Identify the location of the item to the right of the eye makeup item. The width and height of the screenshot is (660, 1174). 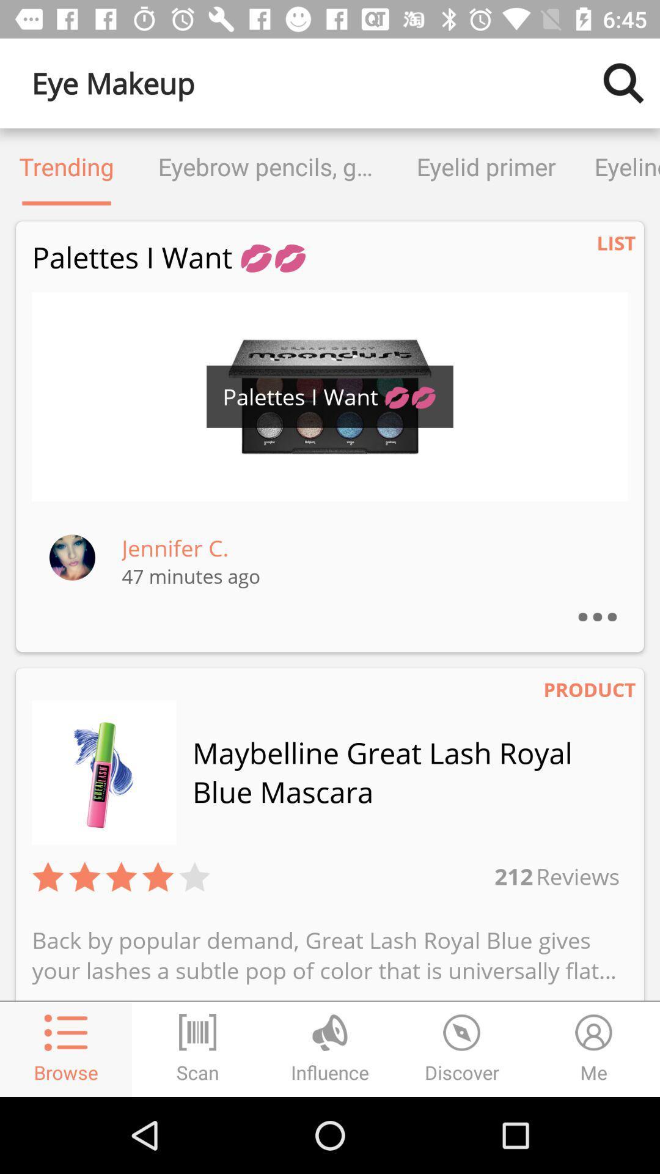
(623, 83).